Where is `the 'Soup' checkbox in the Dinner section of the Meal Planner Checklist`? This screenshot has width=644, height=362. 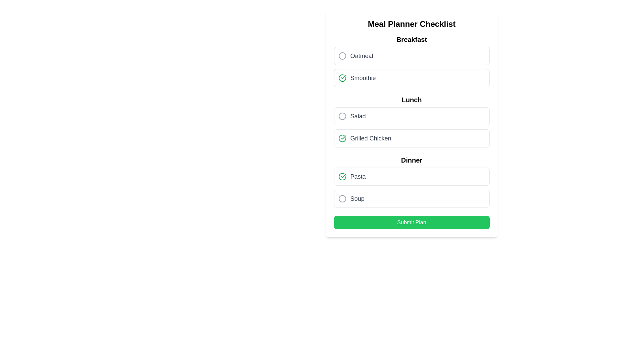
the 'Soup' checkbox in the Dinner section of the Meal Planner Checklist is located at coordinates (411, 198).